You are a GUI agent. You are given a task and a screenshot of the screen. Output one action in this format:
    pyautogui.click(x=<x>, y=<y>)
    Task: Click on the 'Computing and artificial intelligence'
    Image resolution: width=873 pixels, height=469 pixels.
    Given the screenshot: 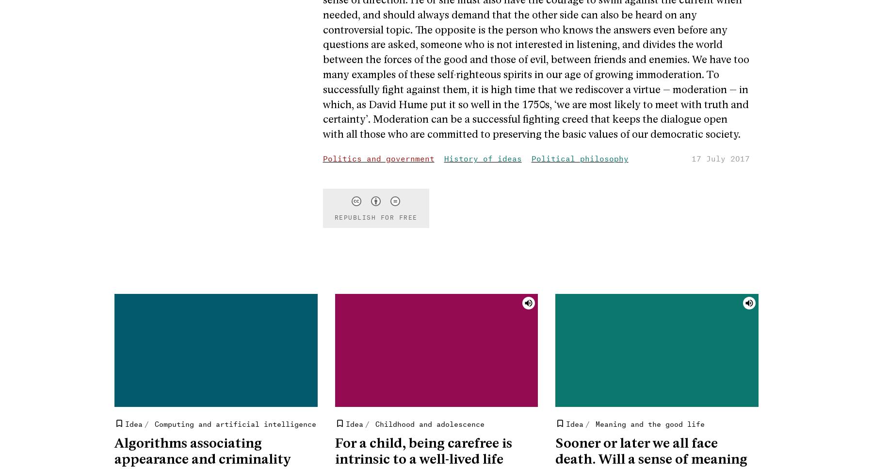 What is the action you would take?
    pyautogui.click(x=235, y=422)
    